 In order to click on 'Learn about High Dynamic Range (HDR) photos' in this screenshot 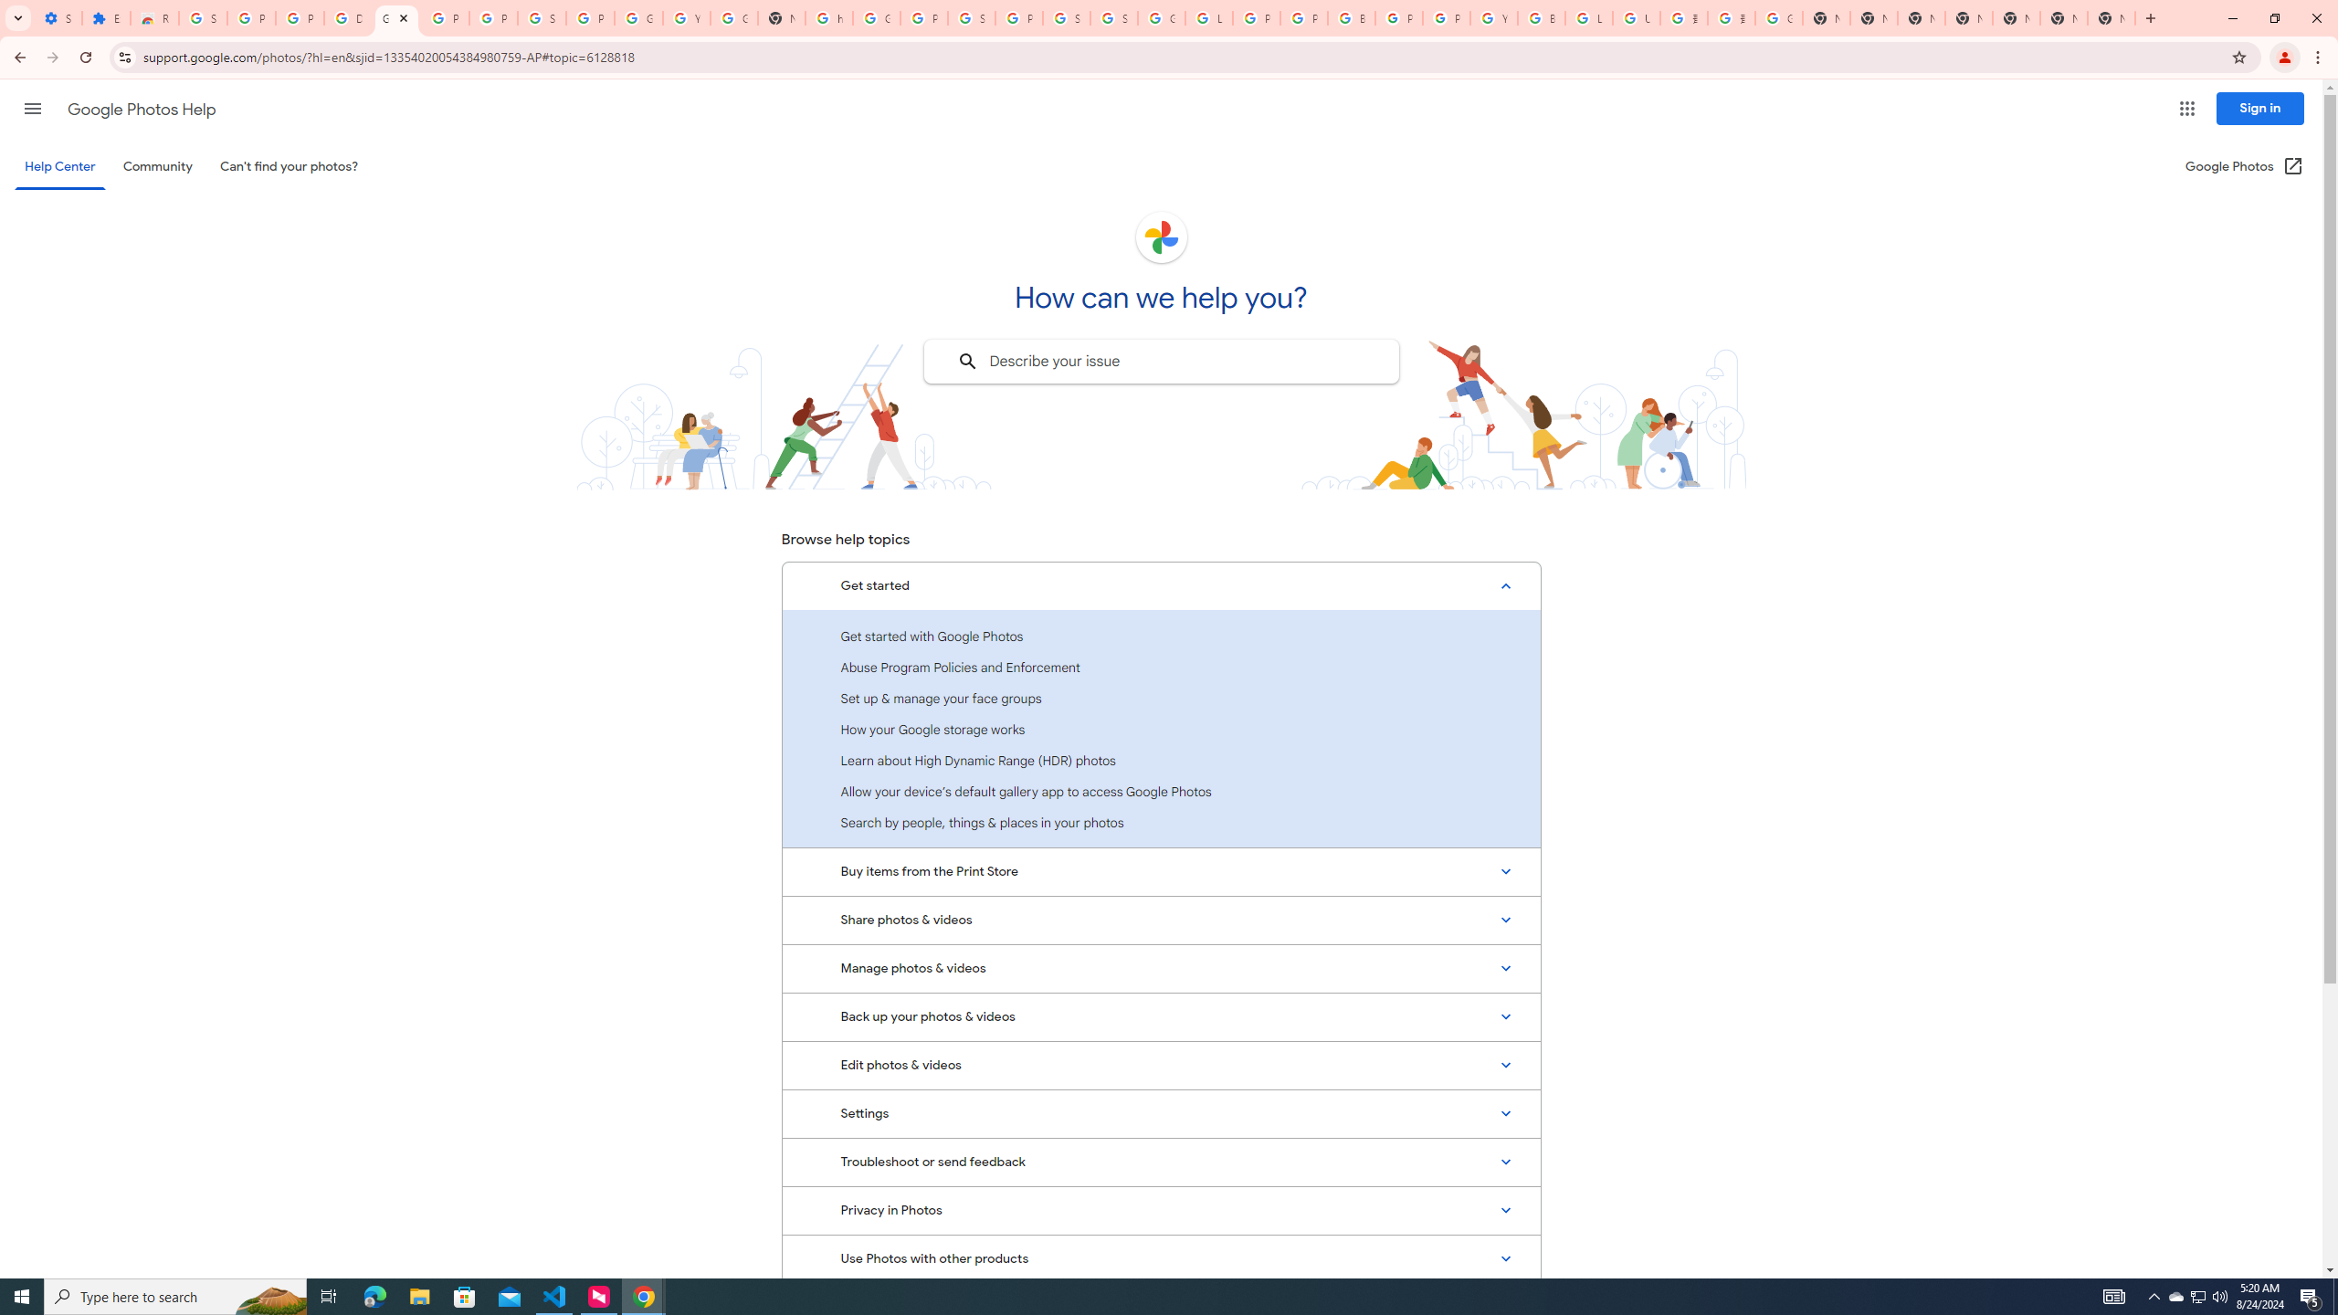, I will do `click(1161, 760)`.